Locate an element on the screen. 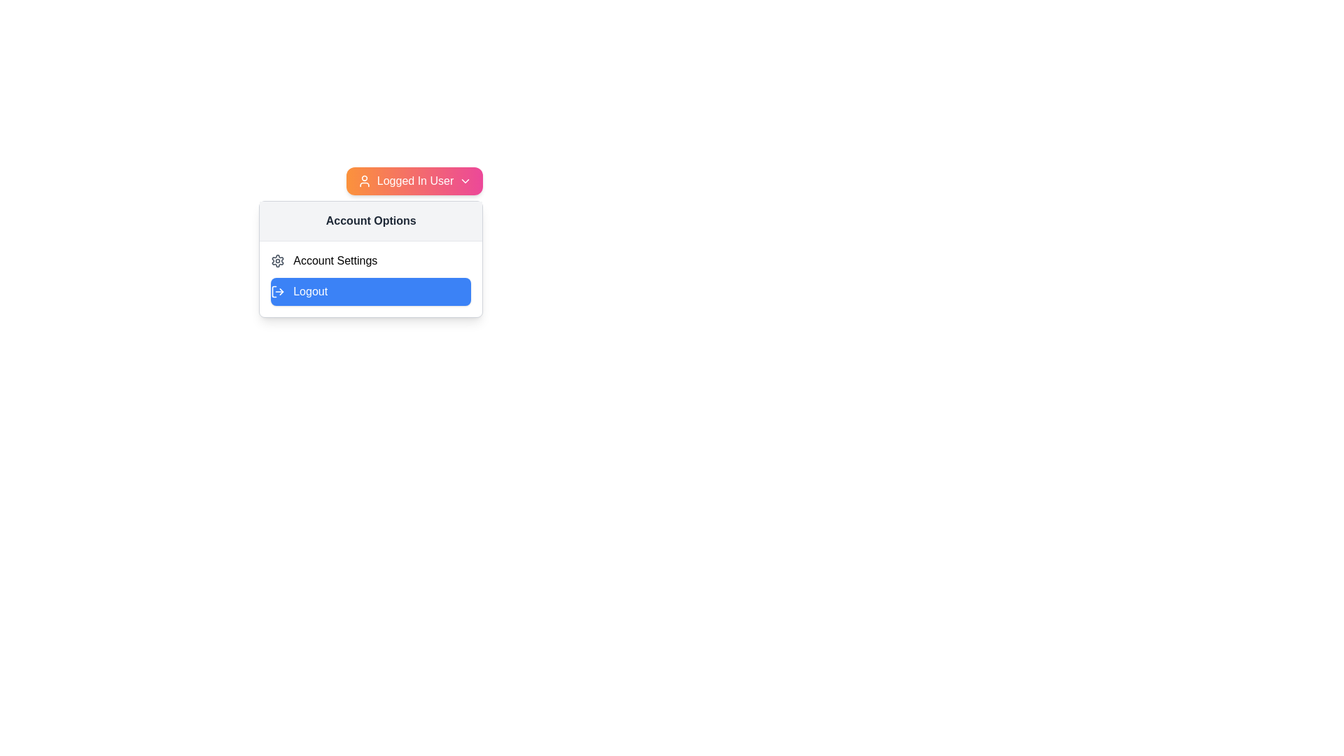  the Dropdown Indicator Icon, which is a downwards pointing chevron icon in white, located within the orange-to-pink gradient button labeled 'Logged In User' is located at coordinates (465, 180).